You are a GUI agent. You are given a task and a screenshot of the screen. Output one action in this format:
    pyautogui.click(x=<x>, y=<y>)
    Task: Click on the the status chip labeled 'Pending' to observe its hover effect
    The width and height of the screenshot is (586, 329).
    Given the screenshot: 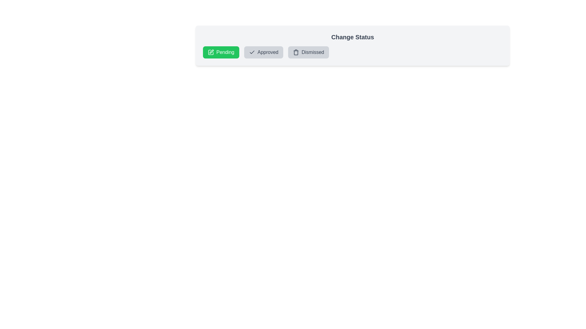 What is the action you would take?
    pyautogui.click(x=221, y=52)
    